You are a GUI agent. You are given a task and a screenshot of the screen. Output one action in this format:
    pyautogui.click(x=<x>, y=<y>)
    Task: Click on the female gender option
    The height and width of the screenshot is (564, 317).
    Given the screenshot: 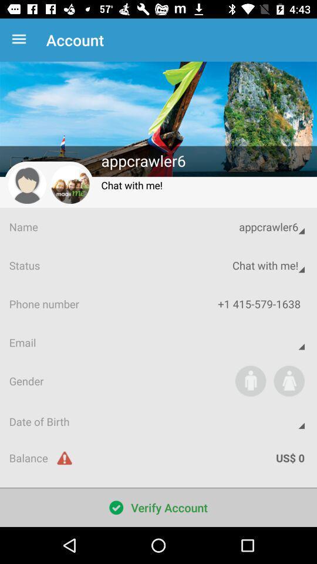 What is the action you would take?
    pyautogui.click(x=288, y=380)
    